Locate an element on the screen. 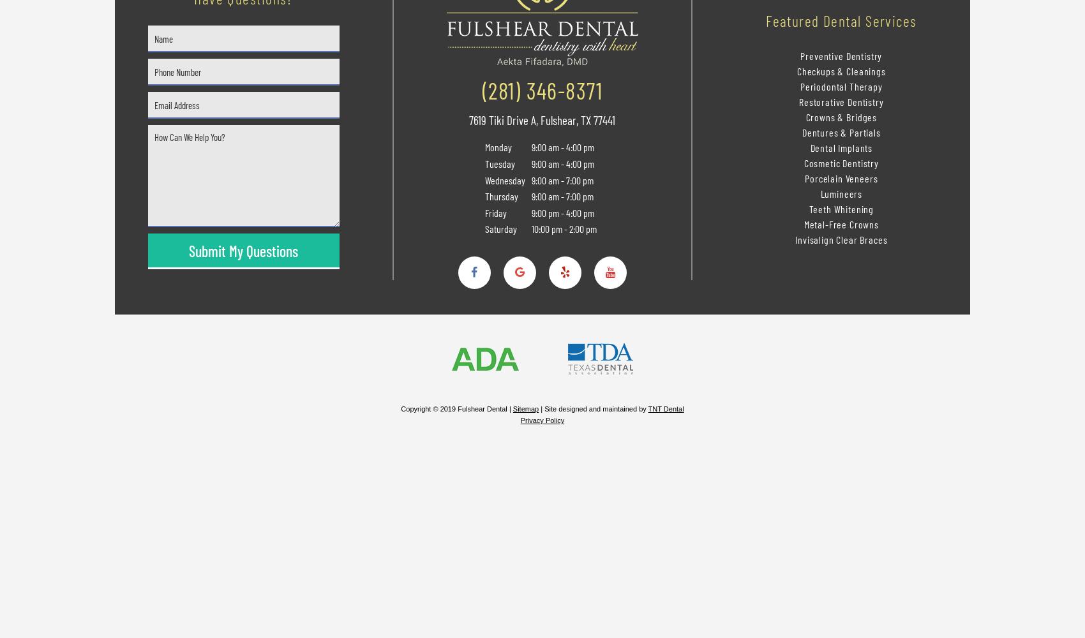  '10:00 pm - 2:00 pm' is located at coordinates (562, 228).